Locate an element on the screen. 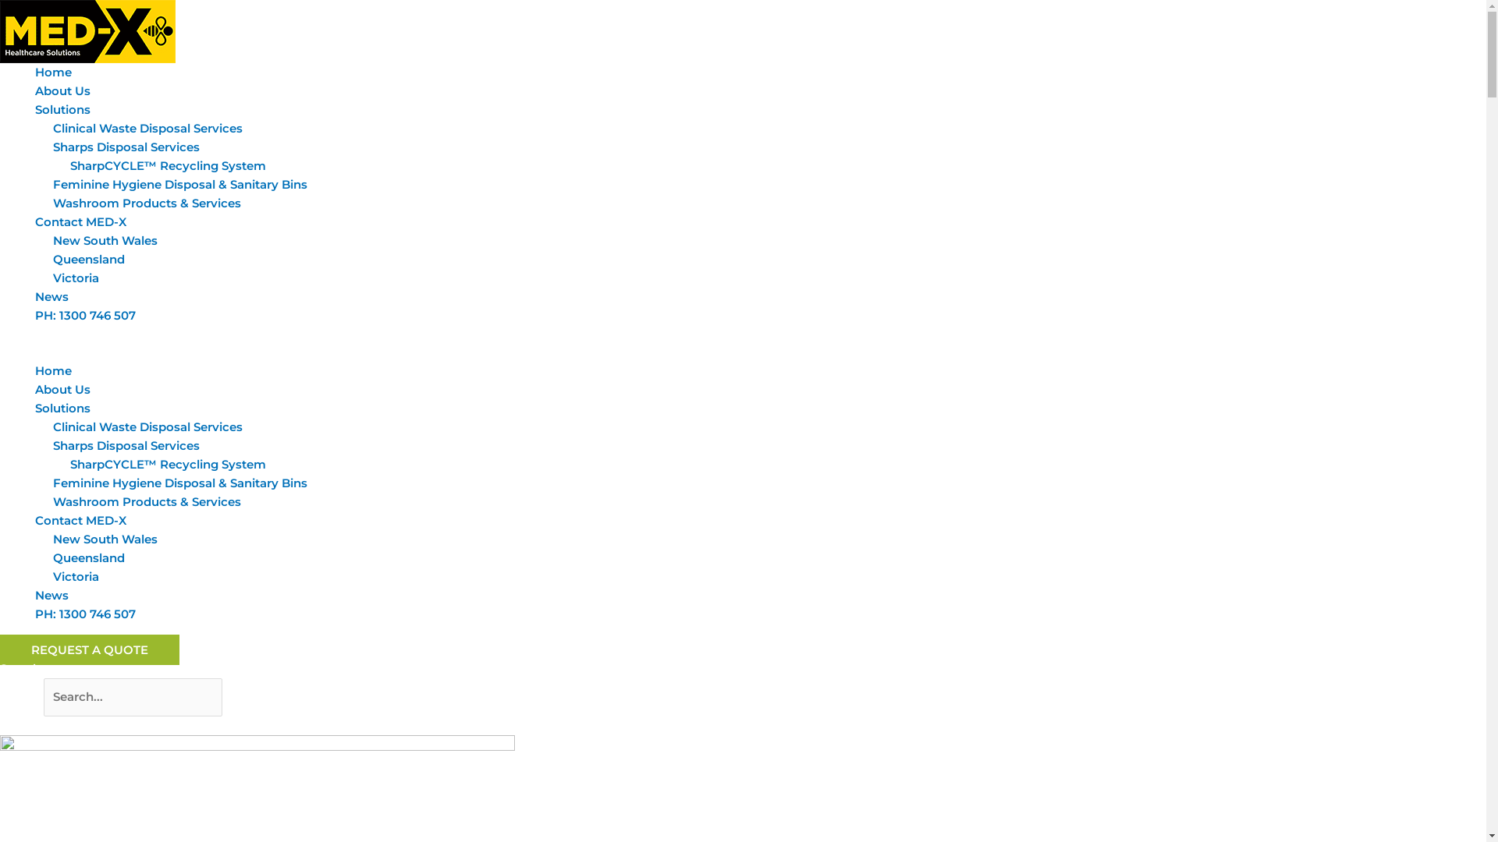 This screenshot has width=1498, height=842. 'Washroom Products & Services' is located at coordinates (52, 501).